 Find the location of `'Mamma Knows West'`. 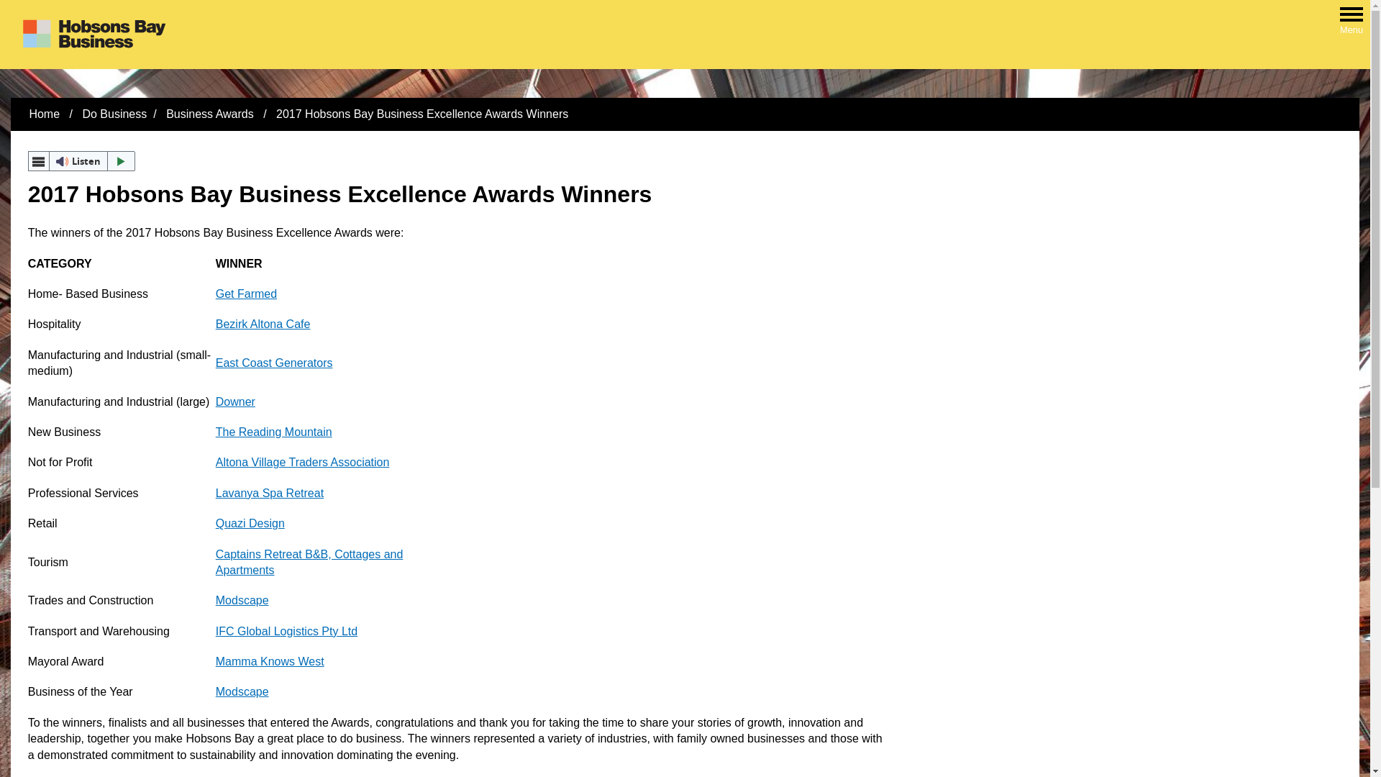

'Mamma Knows West' is located at coordinates (270, 661).